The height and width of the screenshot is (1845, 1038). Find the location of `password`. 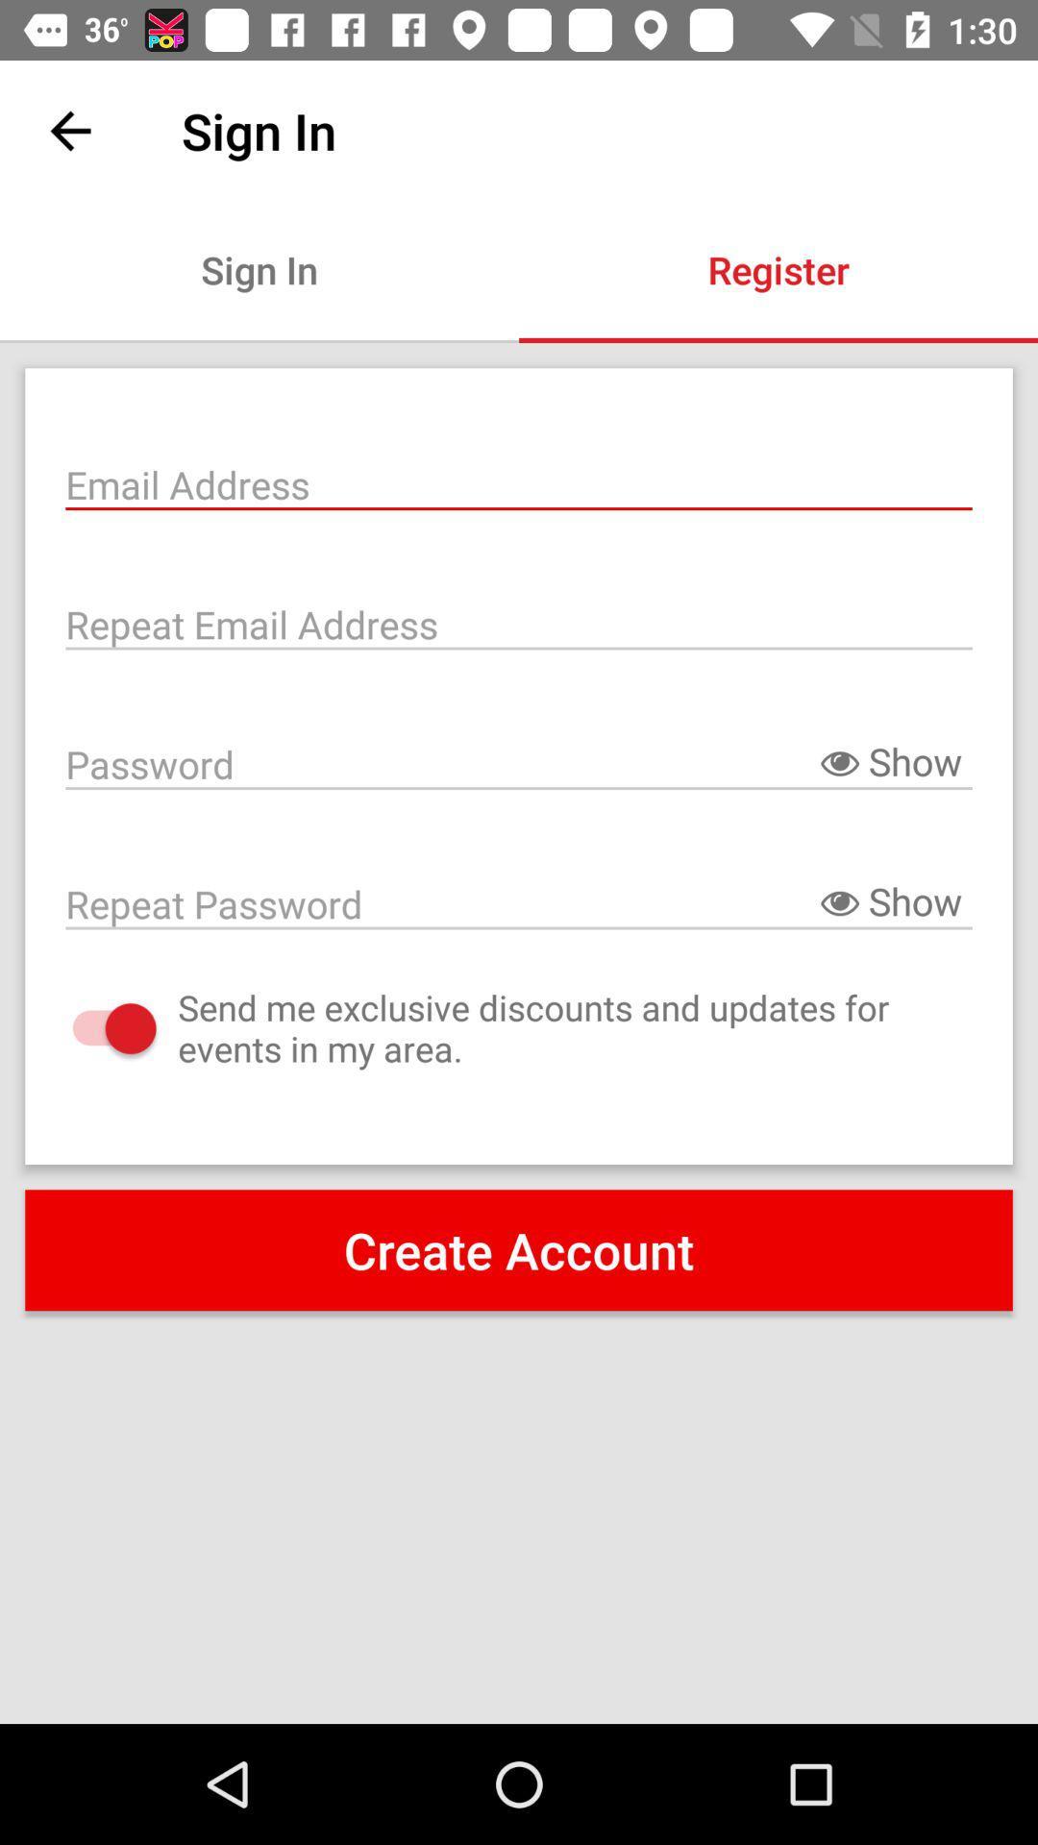

password is located at coordinates (519, 761).